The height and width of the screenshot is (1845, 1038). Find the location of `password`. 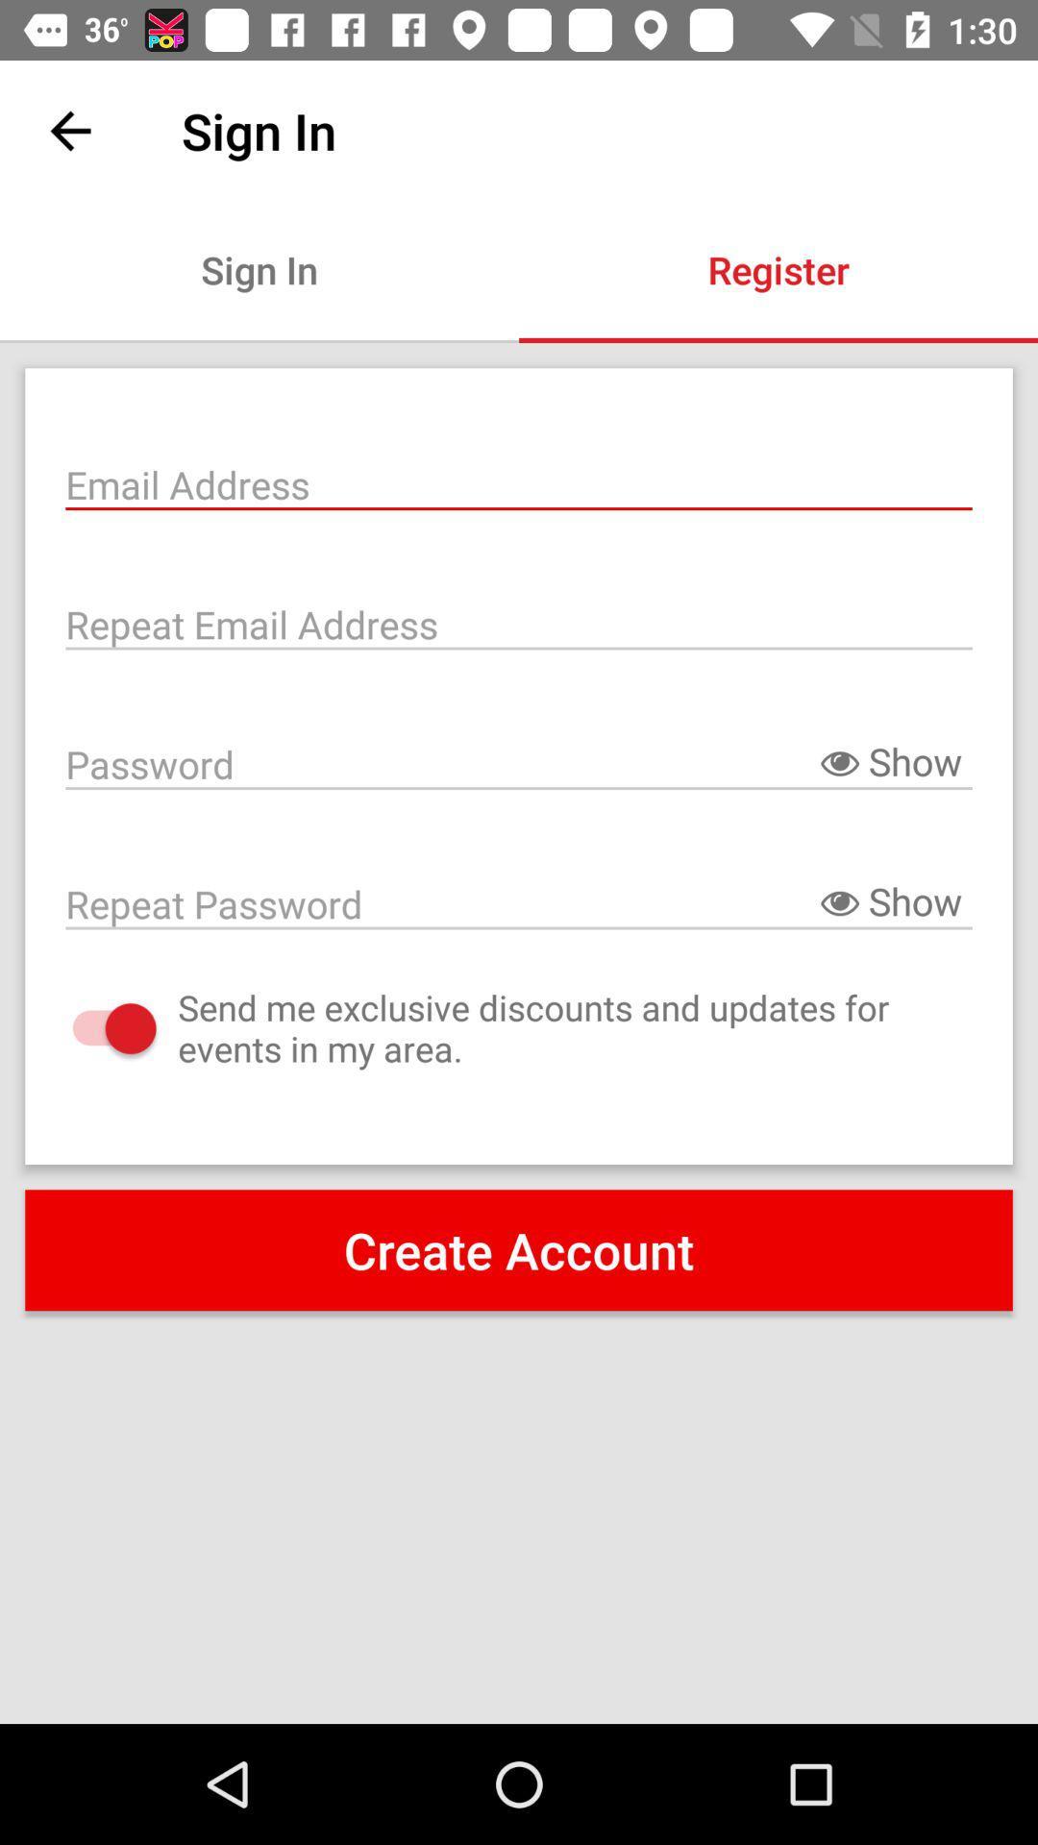

password is located at coordinates (519, 761).